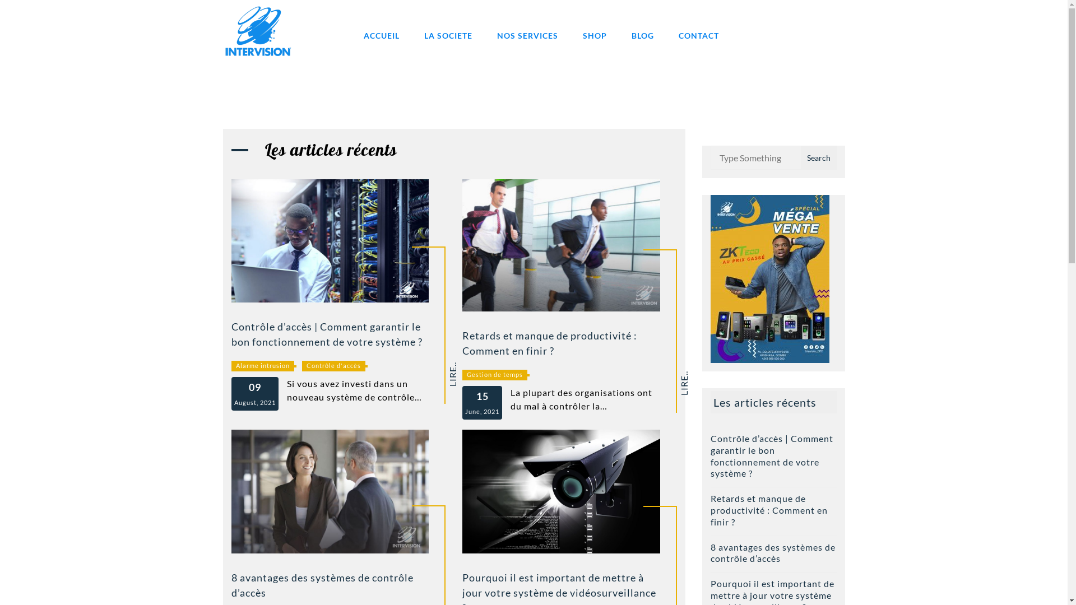 The image size is (1076, 605). I want to click on 'CONTACT', so click(698, 35).